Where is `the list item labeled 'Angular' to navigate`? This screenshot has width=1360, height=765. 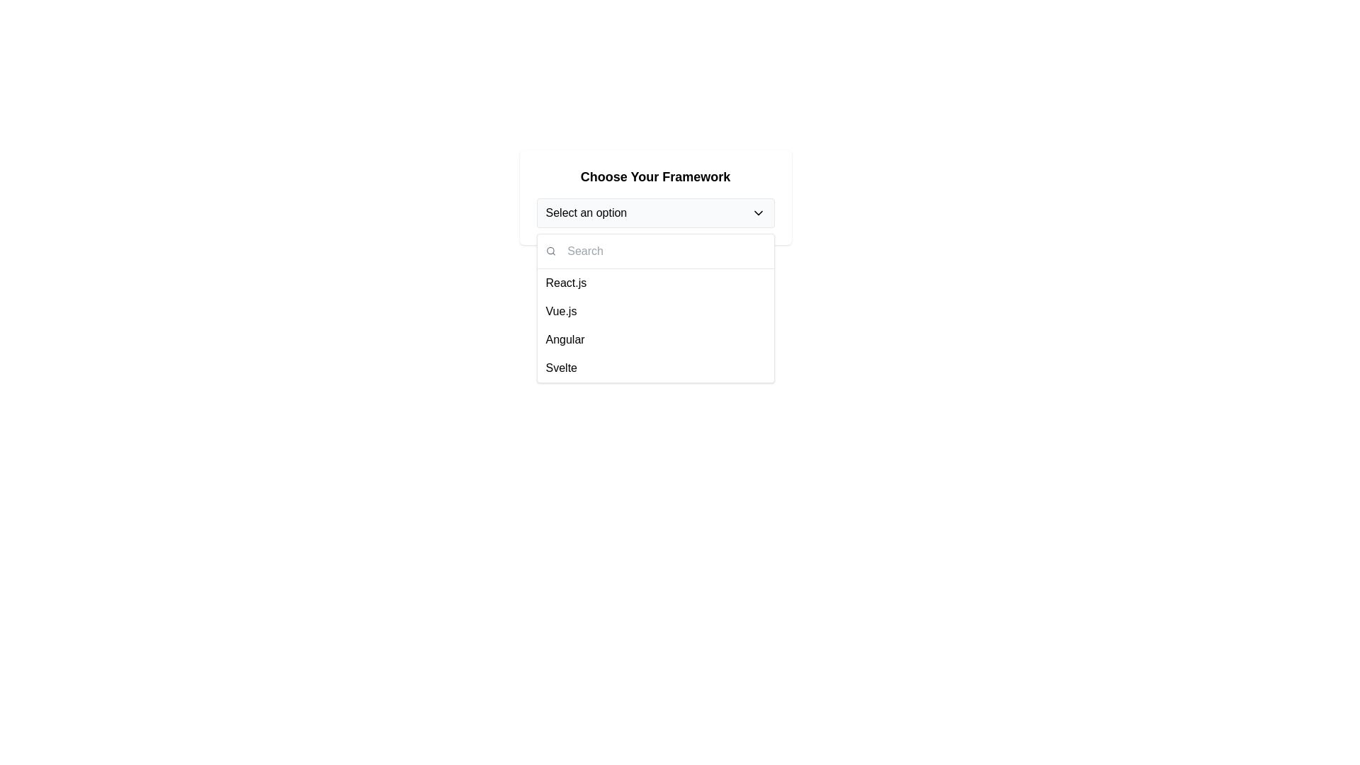
the list item labeled 'Angular' to navigate is located at coordinates (654, 339).